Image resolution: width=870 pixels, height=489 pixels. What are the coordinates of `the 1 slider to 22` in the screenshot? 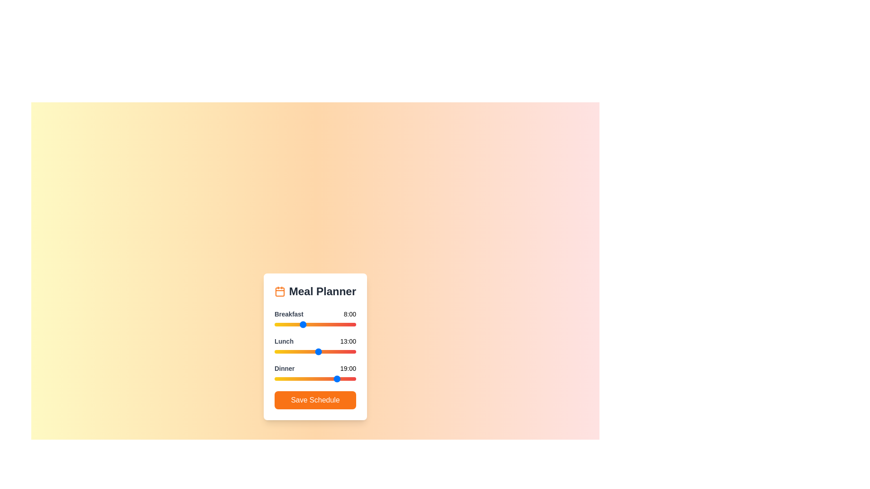 It's located at (349, 351).